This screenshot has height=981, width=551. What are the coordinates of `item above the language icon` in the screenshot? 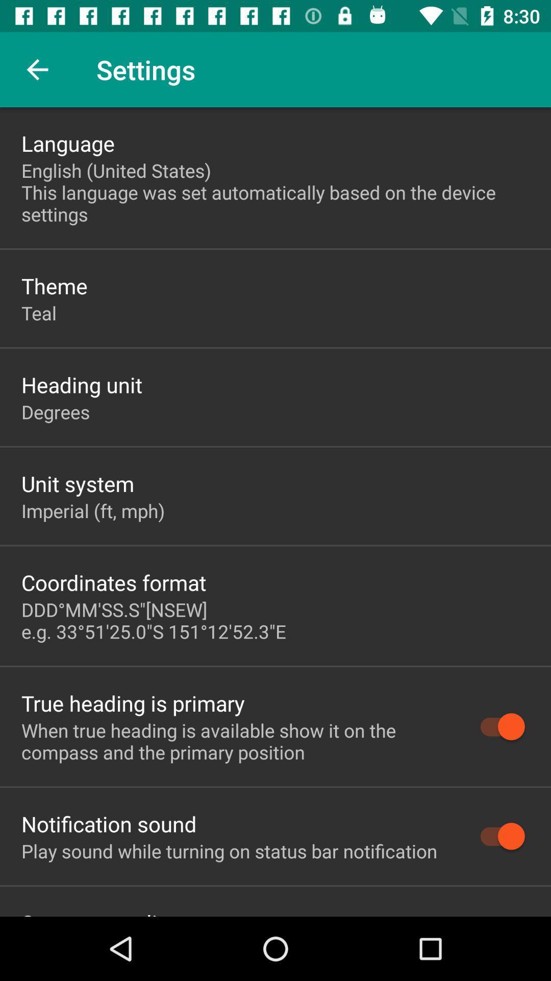 It's located at (37, 69).